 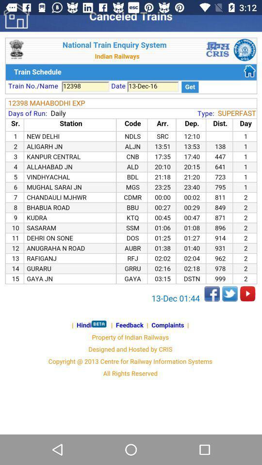 What do you see at coordinates (16, 15) in the screenshot?
I see `the home icon` at bounding box center [16, 15].